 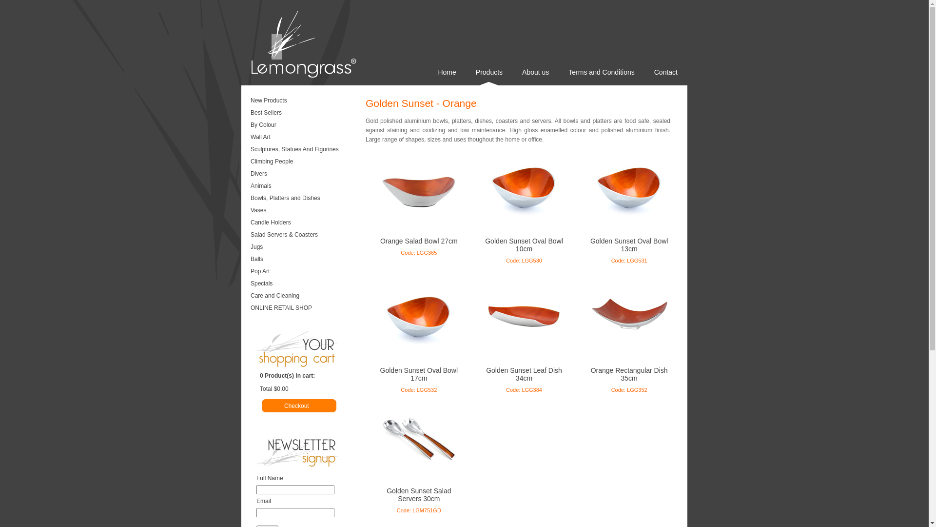 I want to click on 'Home', so click(x=446, y=76).